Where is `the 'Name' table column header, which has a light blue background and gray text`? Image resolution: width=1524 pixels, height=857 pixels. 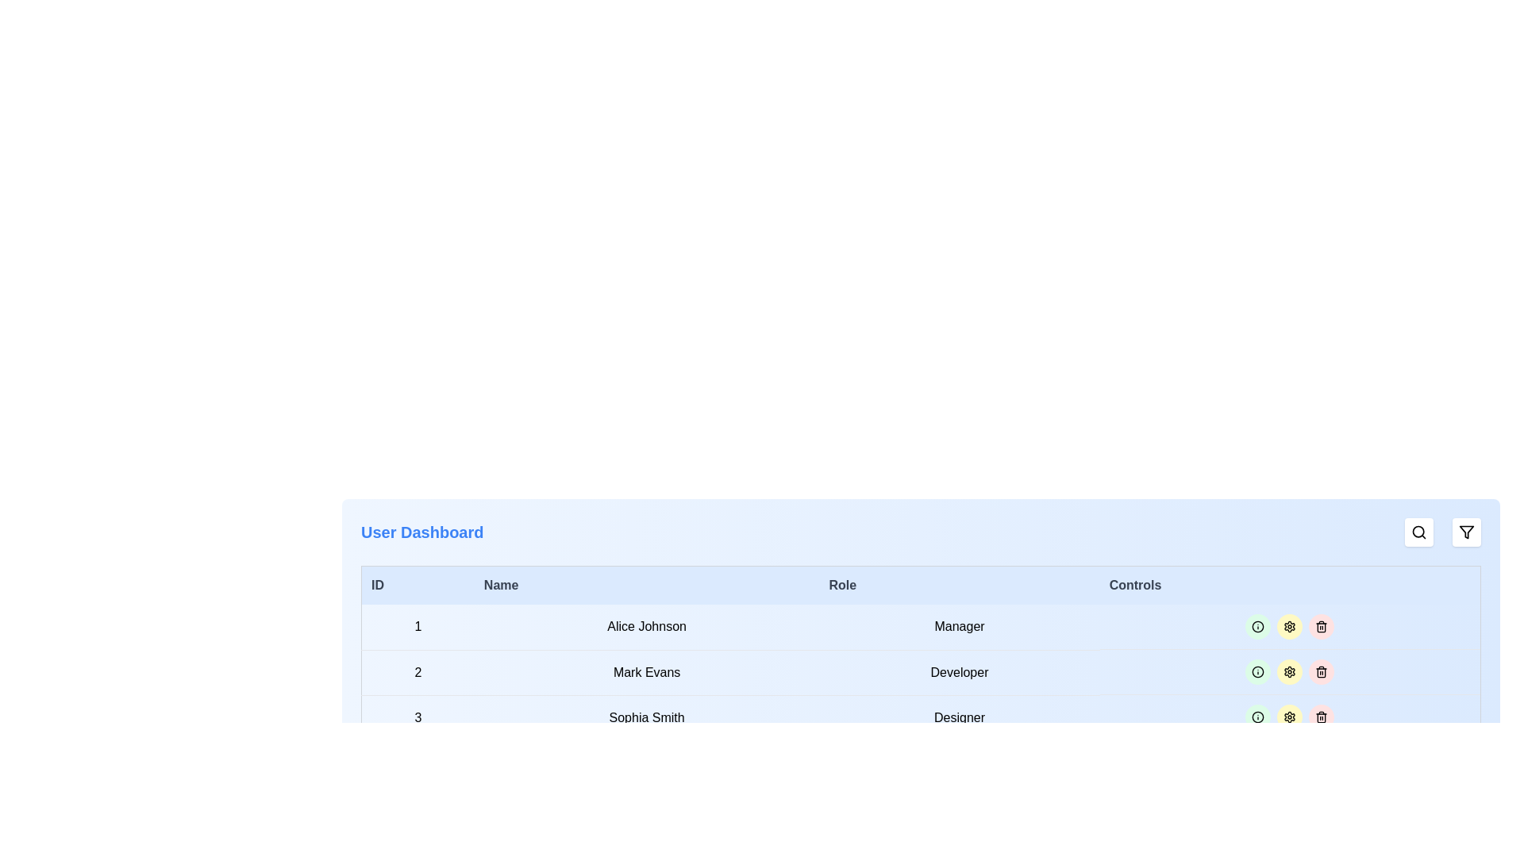
the 'Name' table column header, which has a light blue background and gray text is located at coordinates (647, 585).